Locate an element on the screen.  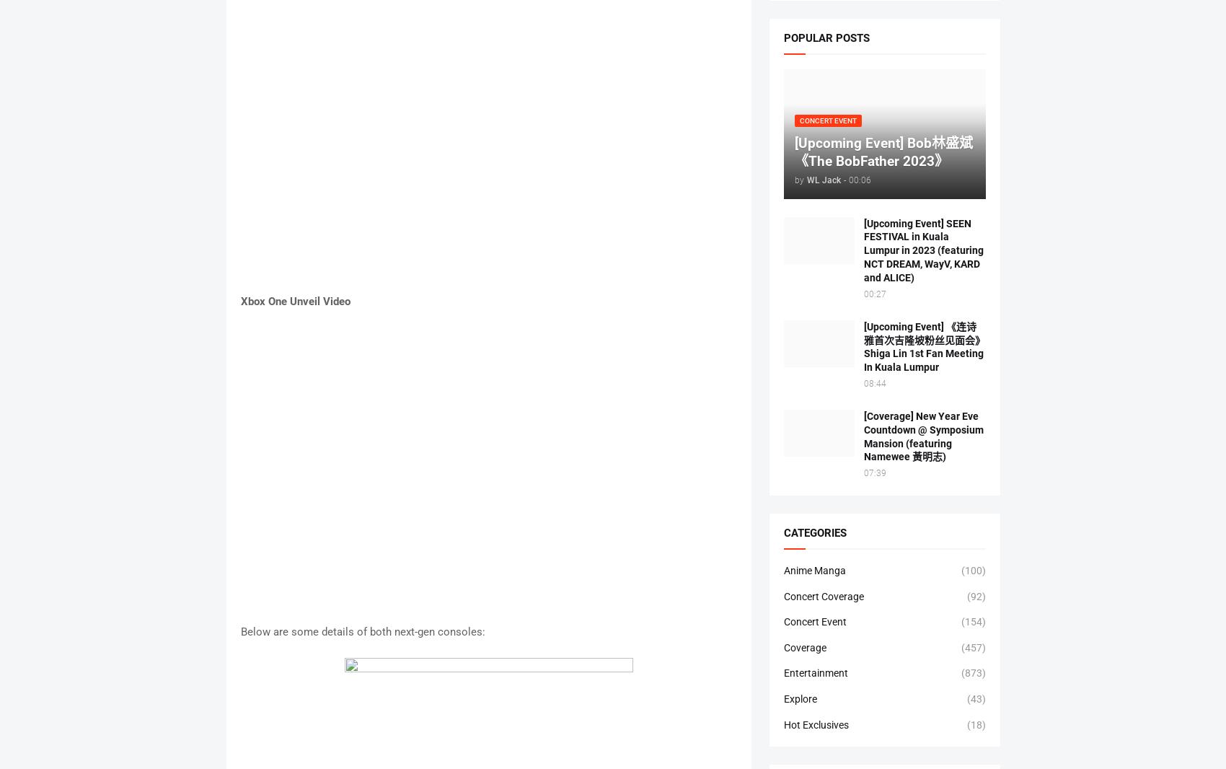
'by' is located at coordinates (793, 179).